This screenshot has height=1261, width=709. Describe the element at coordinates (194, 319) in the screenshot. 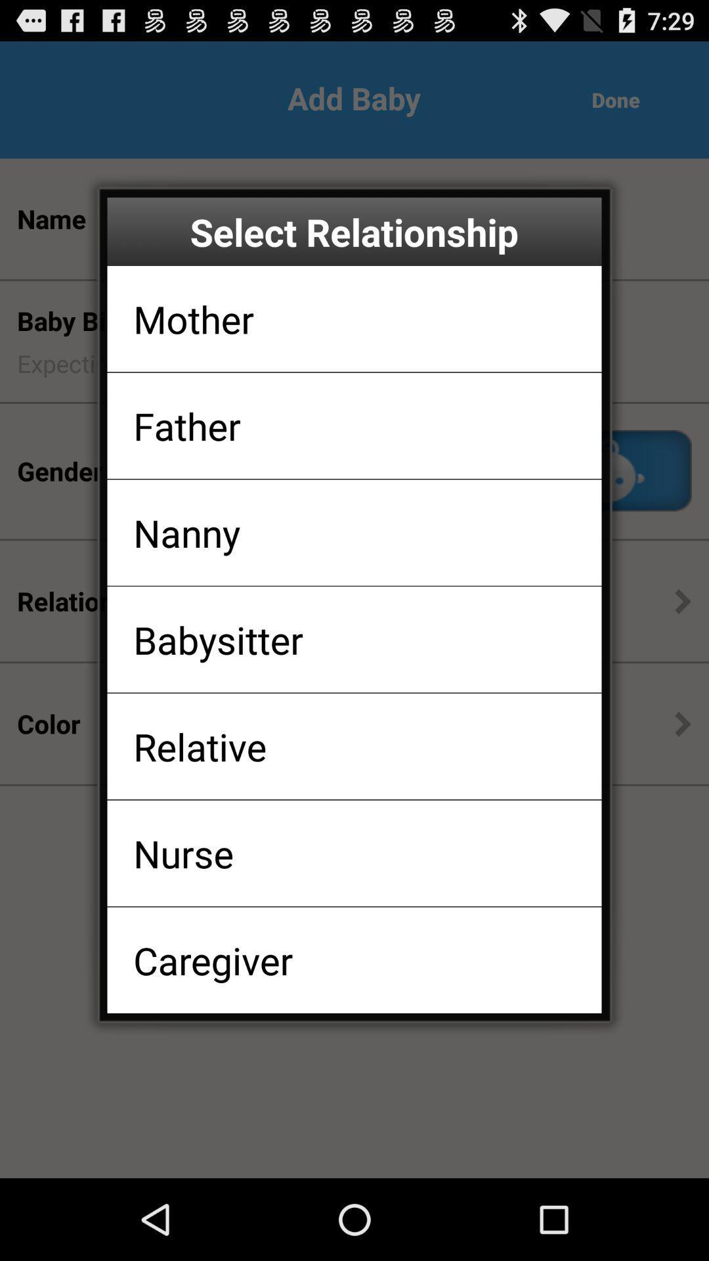

I see `the app above father` at that location.